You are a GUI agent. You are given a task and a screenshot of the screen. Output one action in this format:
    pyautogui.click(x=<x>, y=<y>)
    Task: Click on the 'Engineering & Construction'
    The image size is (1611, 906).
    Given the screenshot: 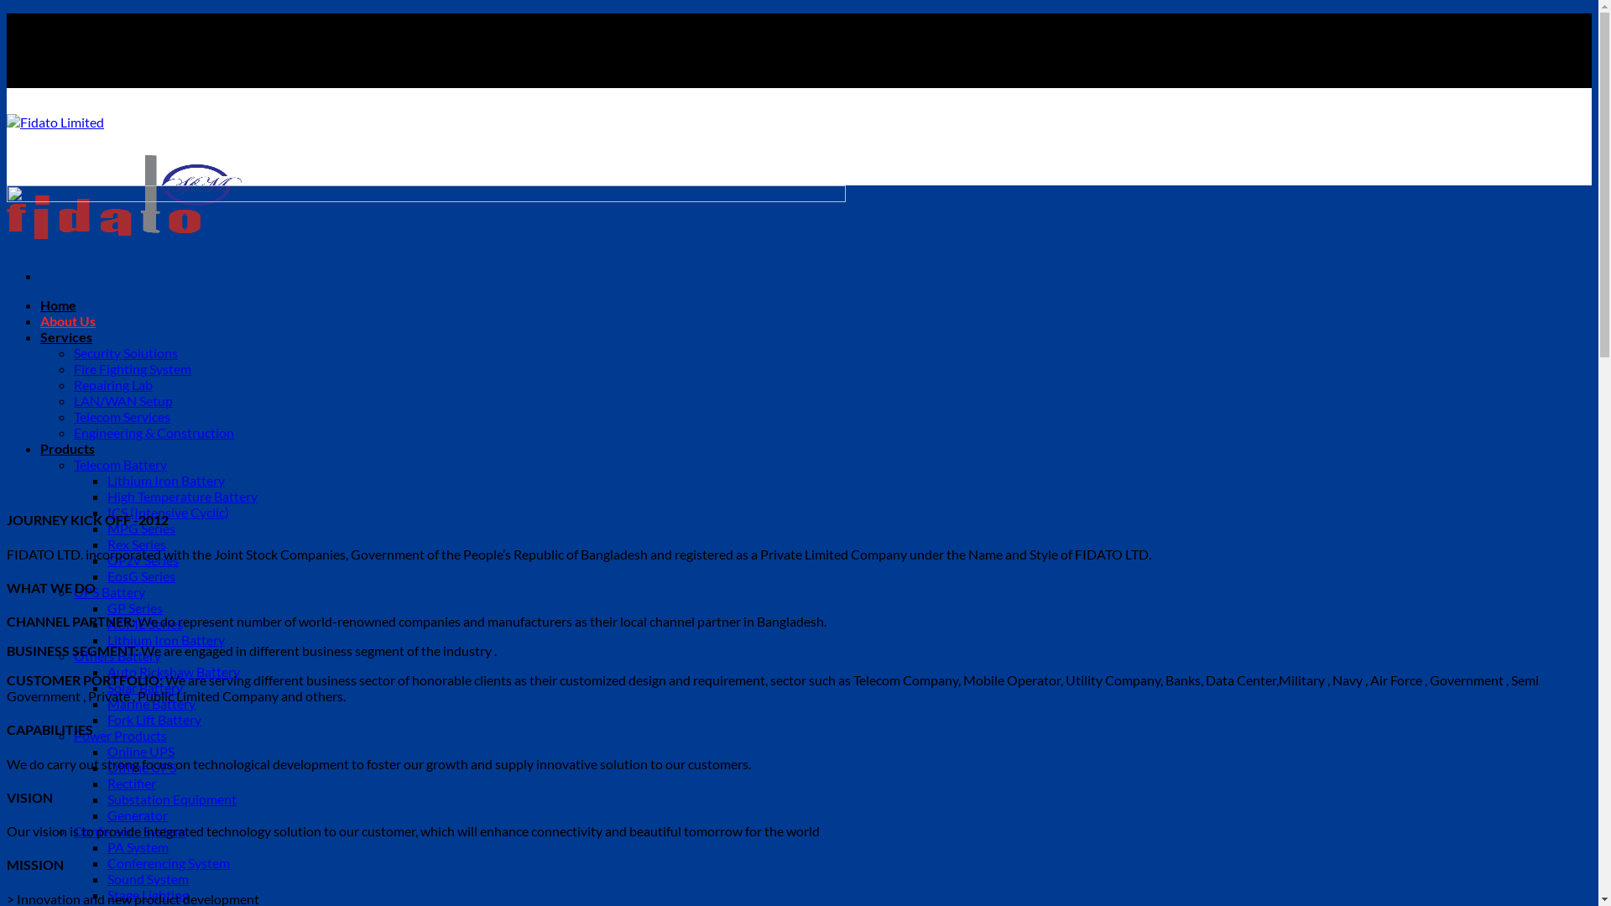 What is the action you would take?
    pyautogui.click(x=154, y=431)
    